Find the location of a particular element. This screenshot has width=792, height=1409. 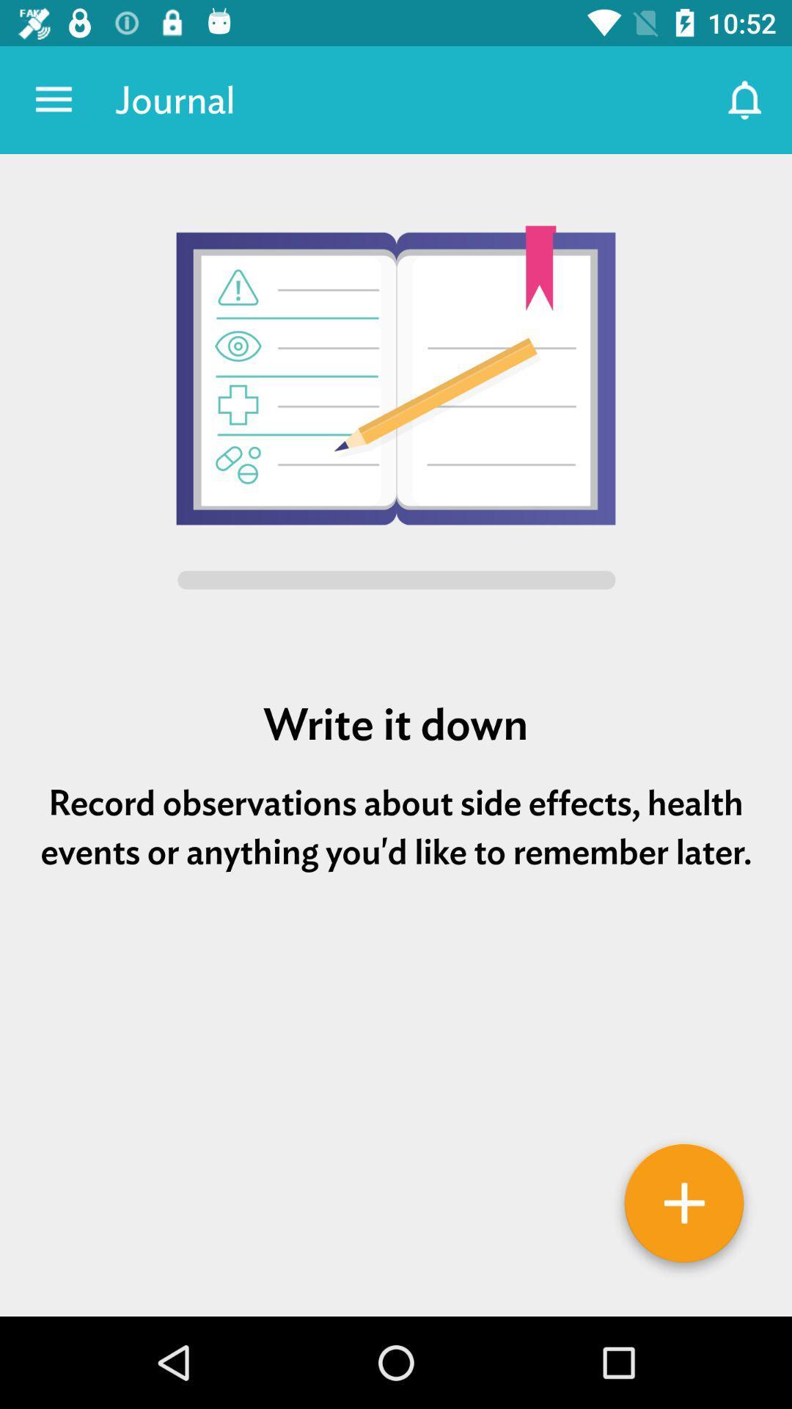

the icon at the bottom right corner is located at coordinates (684, 1208).